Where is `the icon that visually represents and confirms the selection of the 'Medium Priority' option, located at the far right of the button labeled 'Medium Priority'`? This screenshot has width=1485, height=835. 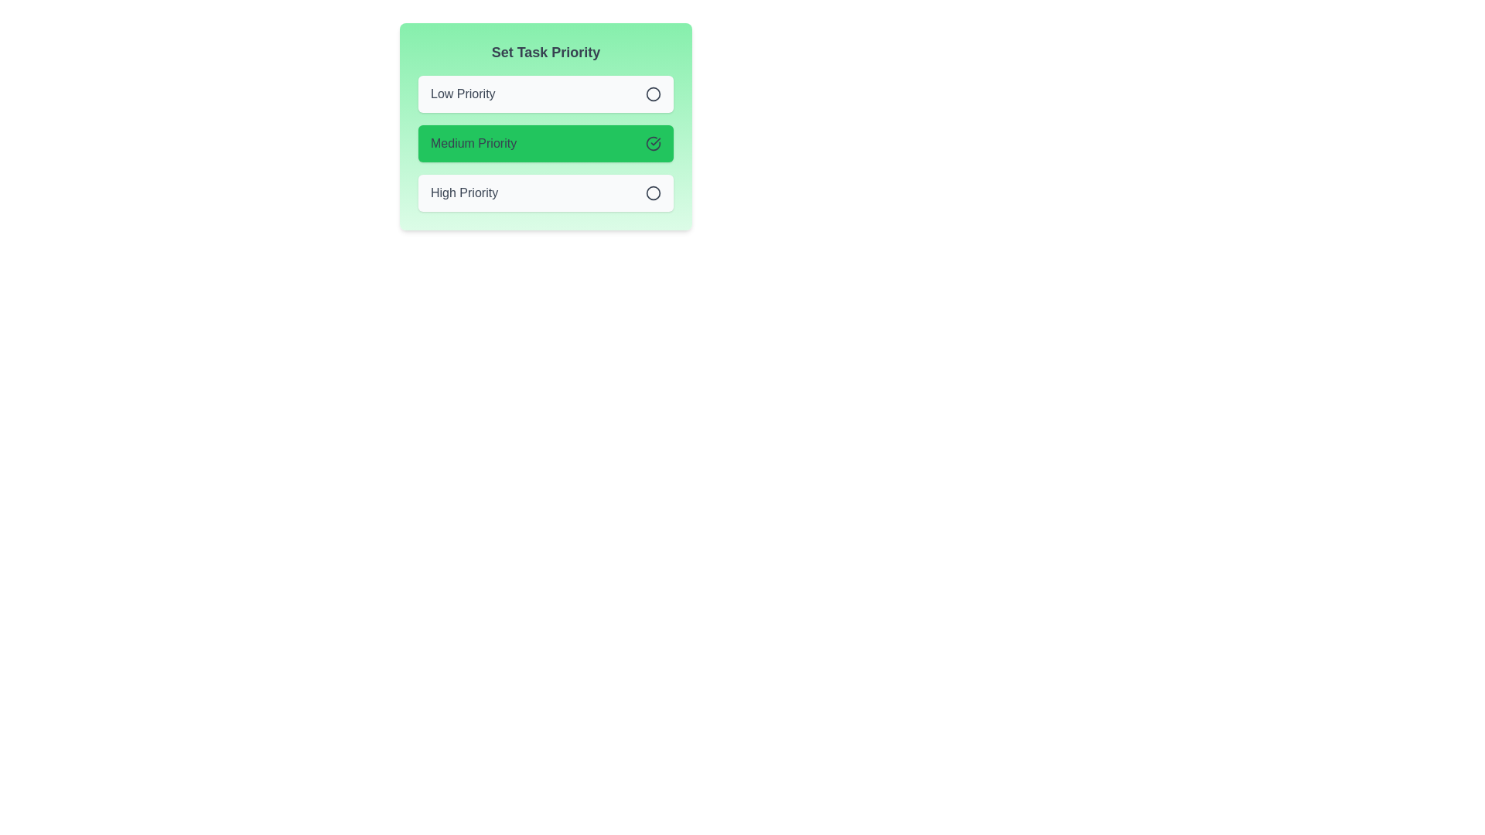
the icon that visually represents and confirms the selection of the 'Medium Priority' option, located at the far right of the button labeled 'Medium Priority' is located at coordinates (653, 143).